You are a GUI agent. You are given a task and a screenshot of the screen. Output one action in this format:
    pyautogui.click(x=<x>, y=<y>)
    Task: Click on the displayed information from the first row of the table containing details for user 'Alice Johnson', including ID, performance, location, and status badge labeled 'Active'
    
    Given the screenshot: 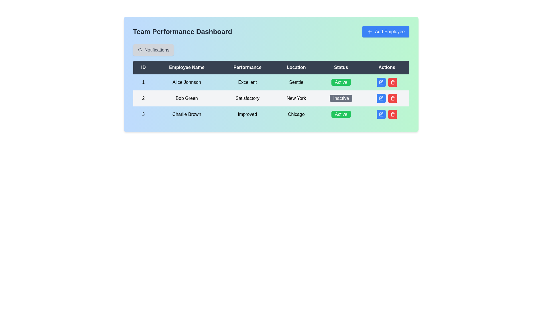 What is the action you would take?
    pyautogui.click(x=271, y=82)
    